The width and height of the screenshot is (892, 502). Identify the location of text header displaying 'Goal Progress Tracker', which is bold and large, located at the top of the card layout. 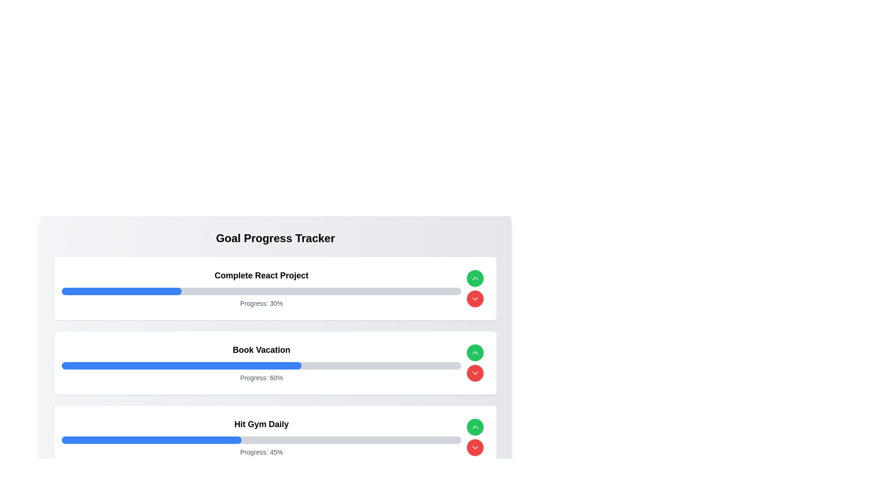
(275, 238).